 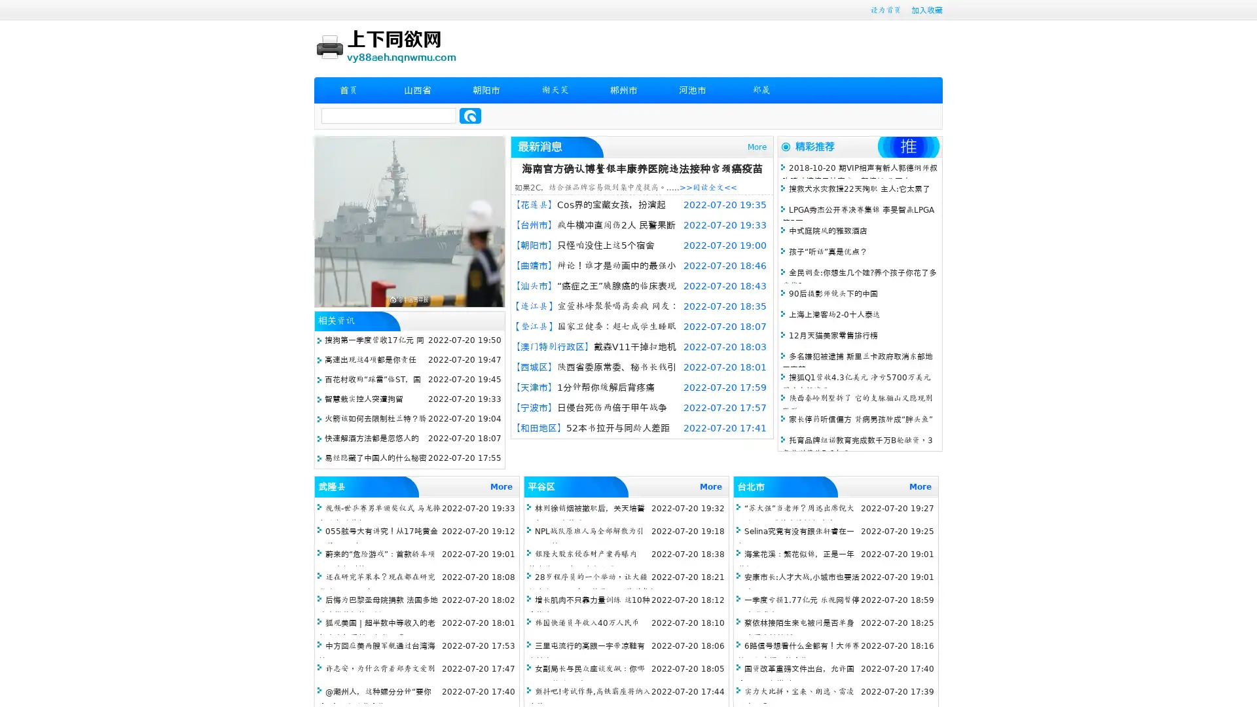 I want to click on Search, so click(x=470, y=115).